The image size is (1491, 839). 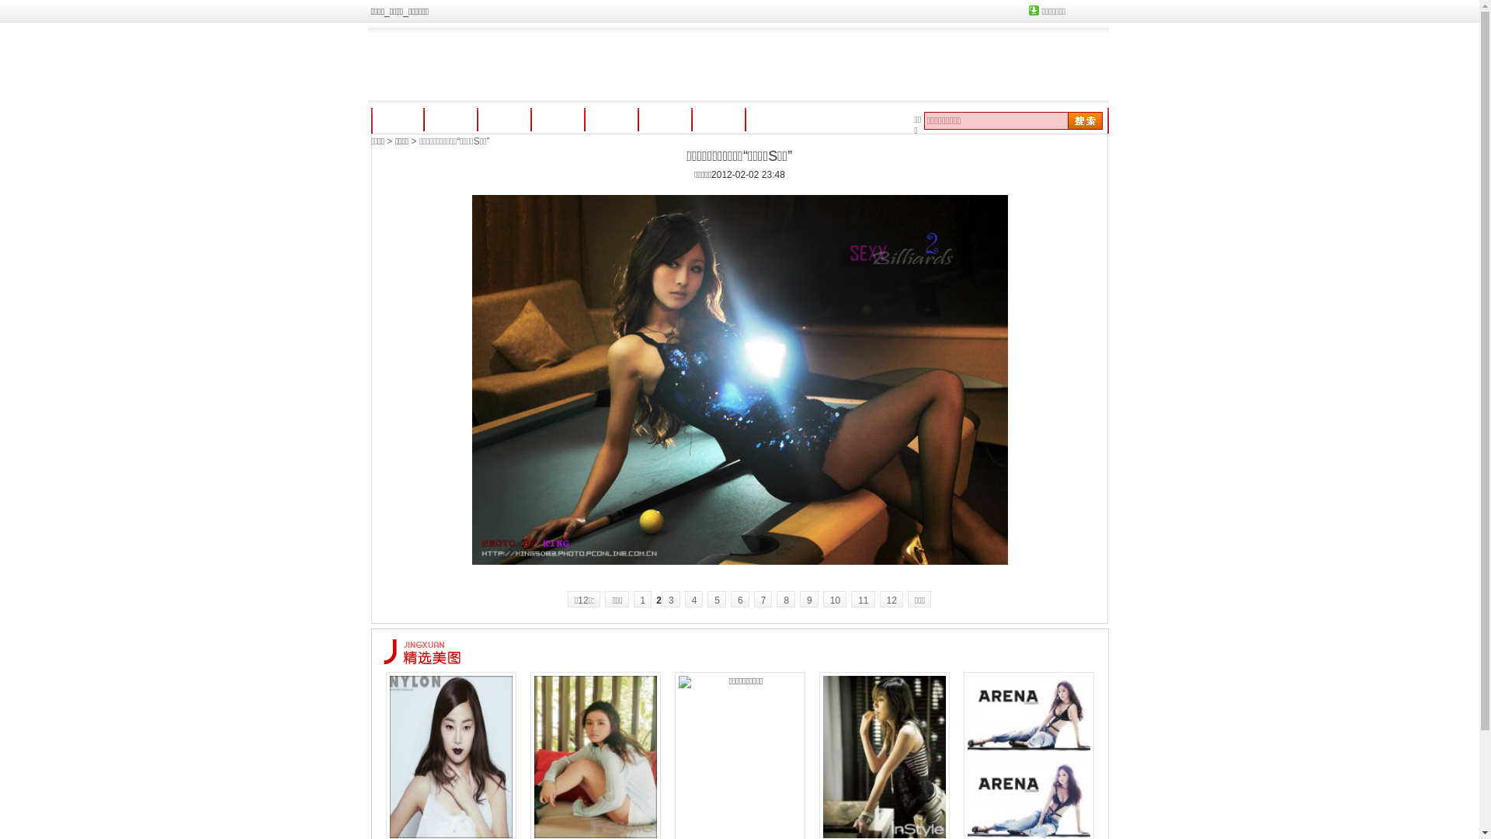 What do you see at coordinates (763, 598) in the screenshot?
I see `'7'` at bounding box center [763, 598].